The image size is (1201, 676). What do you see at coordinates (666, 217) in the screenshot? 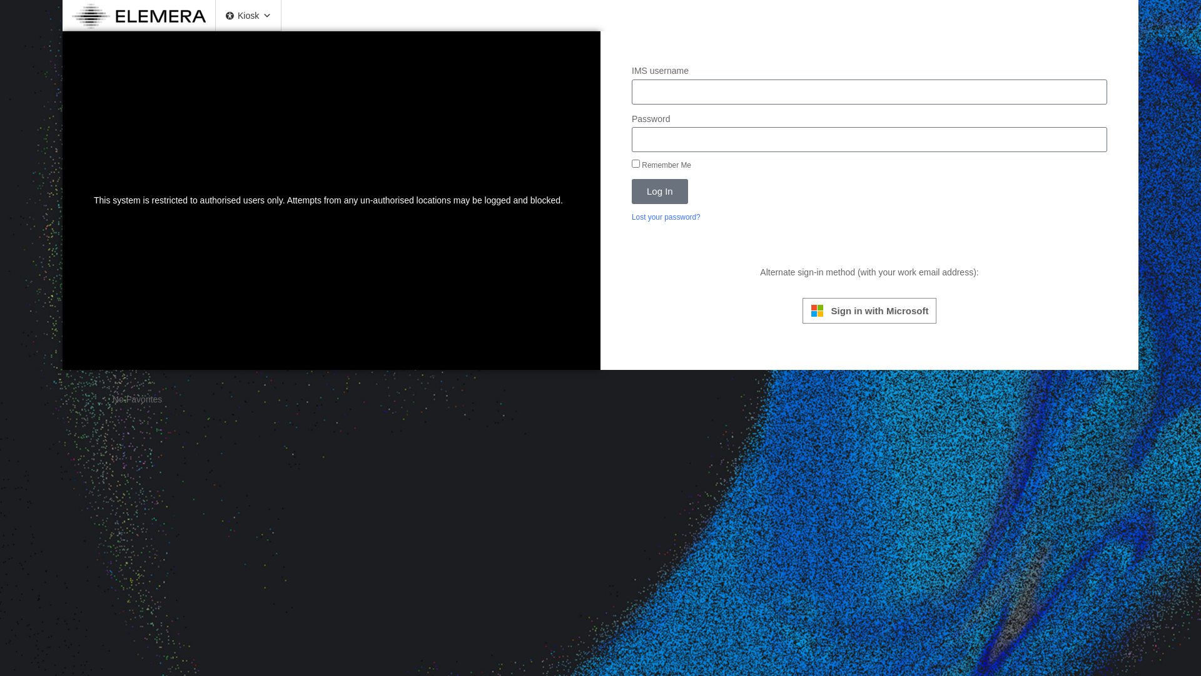
I see `'Lost your password?'` at bounding box center [666, 217].